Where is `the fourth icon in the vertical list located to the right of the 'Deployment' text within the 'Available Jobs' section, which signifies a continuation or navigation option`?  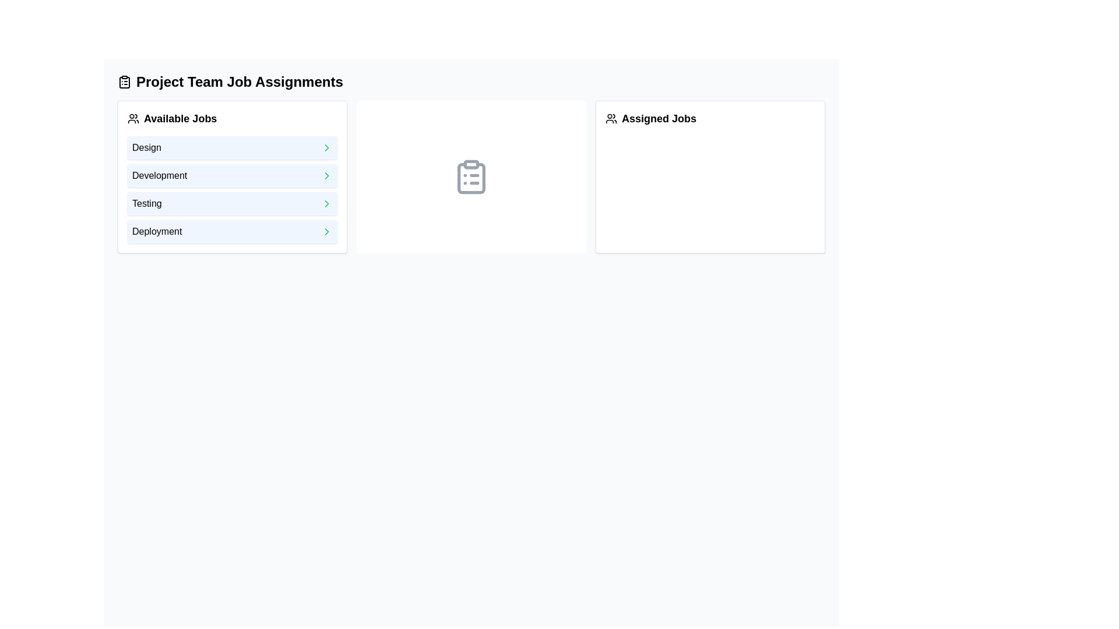
the fourth icon in the vertical list located to the right of the 'Deployment' text within the 'Available Jobs' section, which signifies a continuation or navigation option is located at coordinates (326, 231).